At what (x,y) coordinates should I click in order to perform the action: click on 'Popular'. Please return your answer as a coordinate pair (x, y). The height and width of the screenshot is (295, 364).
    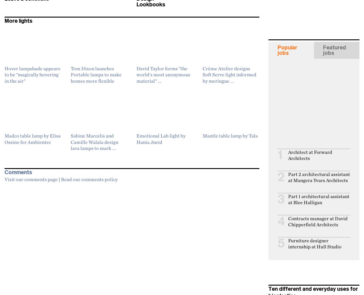
    Looking at the image, I should click on (278, 47).